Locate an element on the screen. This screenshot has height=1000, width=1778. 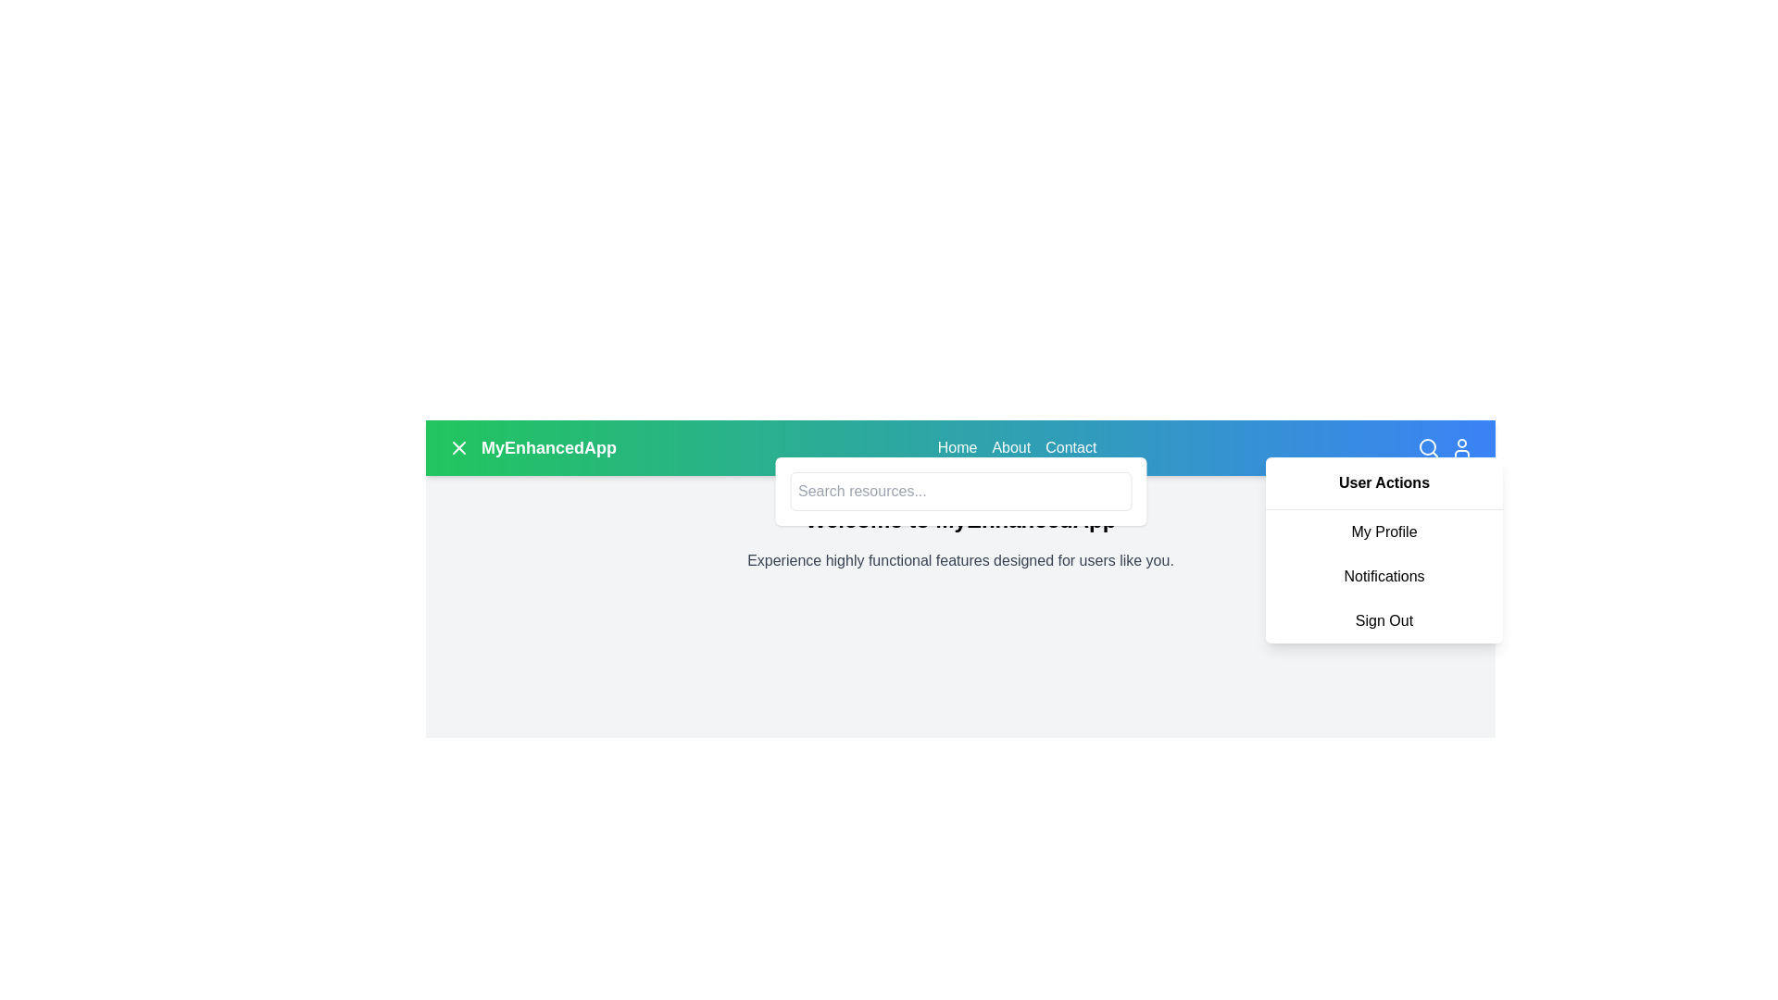
the 'Home' link in the navigation menu located on the right side of the blue background header section is located at coordinates (958, 447).